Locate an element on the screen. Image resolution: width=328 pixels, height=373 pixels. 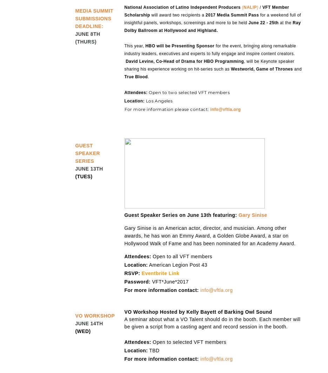
'Eventbrite Link' is located at coordinates (160, 273).